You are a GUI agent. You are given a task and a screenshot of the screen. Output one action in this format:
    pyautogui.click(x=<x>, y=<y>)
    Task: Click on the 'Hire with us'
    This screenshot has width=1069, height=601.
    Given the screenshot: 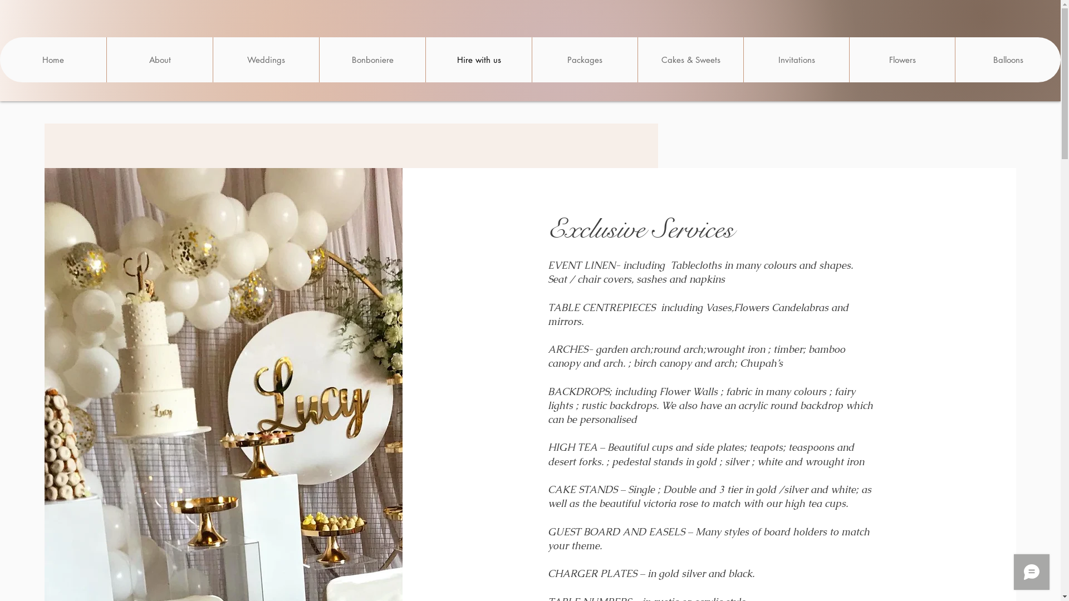 What is the action you would take?
    pyautogui.click(x=478, y=60)
    